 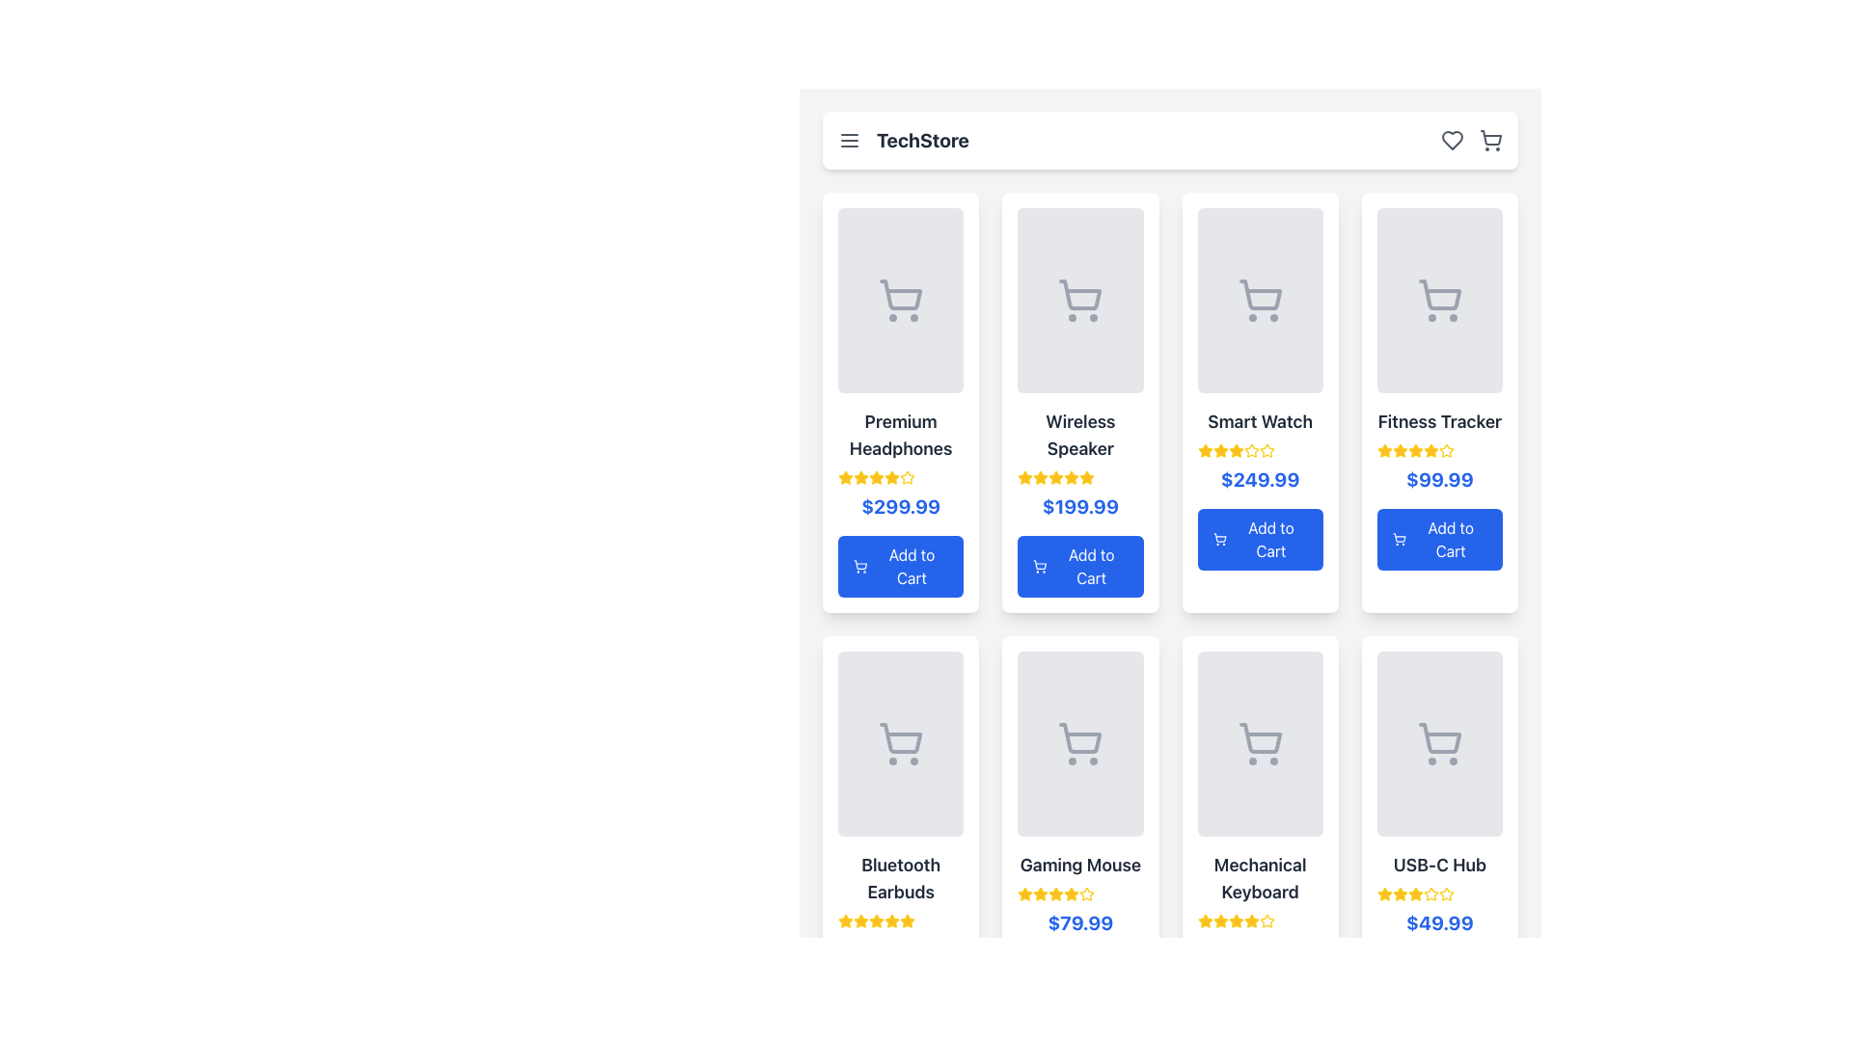 I want to click on the heart icon in the top-right corner of the navigation bar to interact with the favorites functionality, so click(x=1471, y=140).